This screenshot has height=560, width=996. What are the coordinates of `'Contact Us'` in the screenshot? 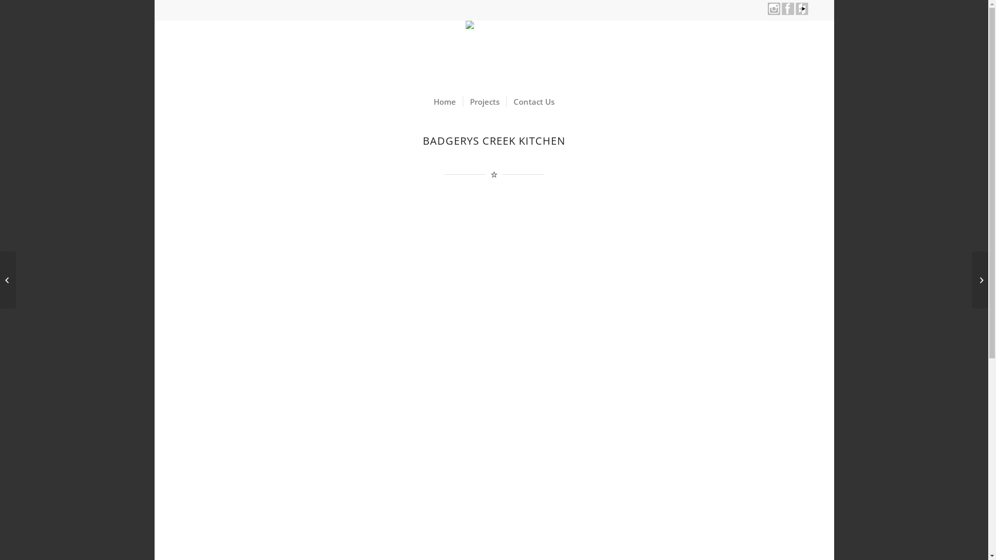 It's located at (533, 102).